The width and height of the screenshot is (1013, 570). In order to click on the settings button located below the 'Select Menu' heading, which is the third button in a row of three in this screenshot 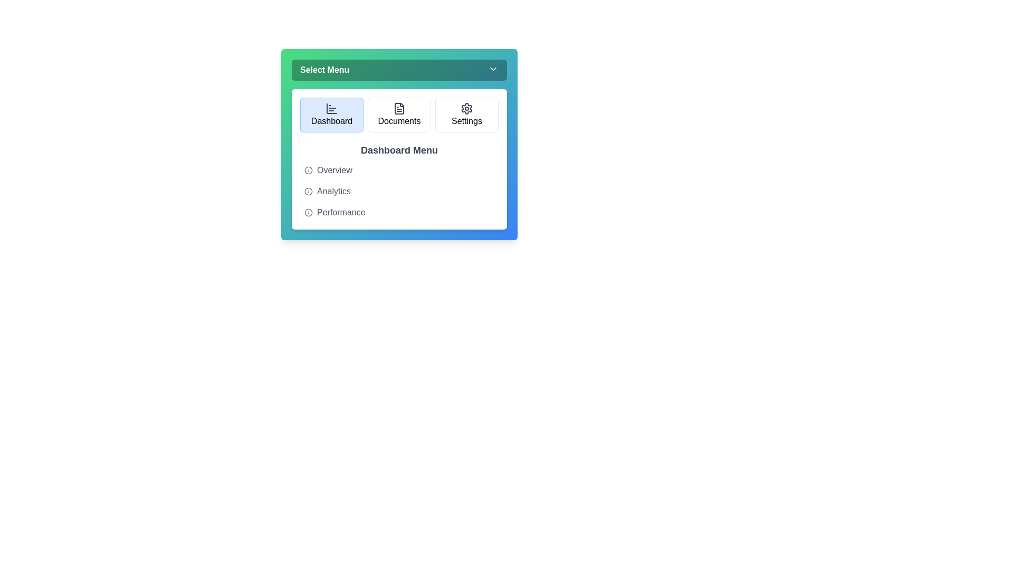, I will do `click(466, 115)`.